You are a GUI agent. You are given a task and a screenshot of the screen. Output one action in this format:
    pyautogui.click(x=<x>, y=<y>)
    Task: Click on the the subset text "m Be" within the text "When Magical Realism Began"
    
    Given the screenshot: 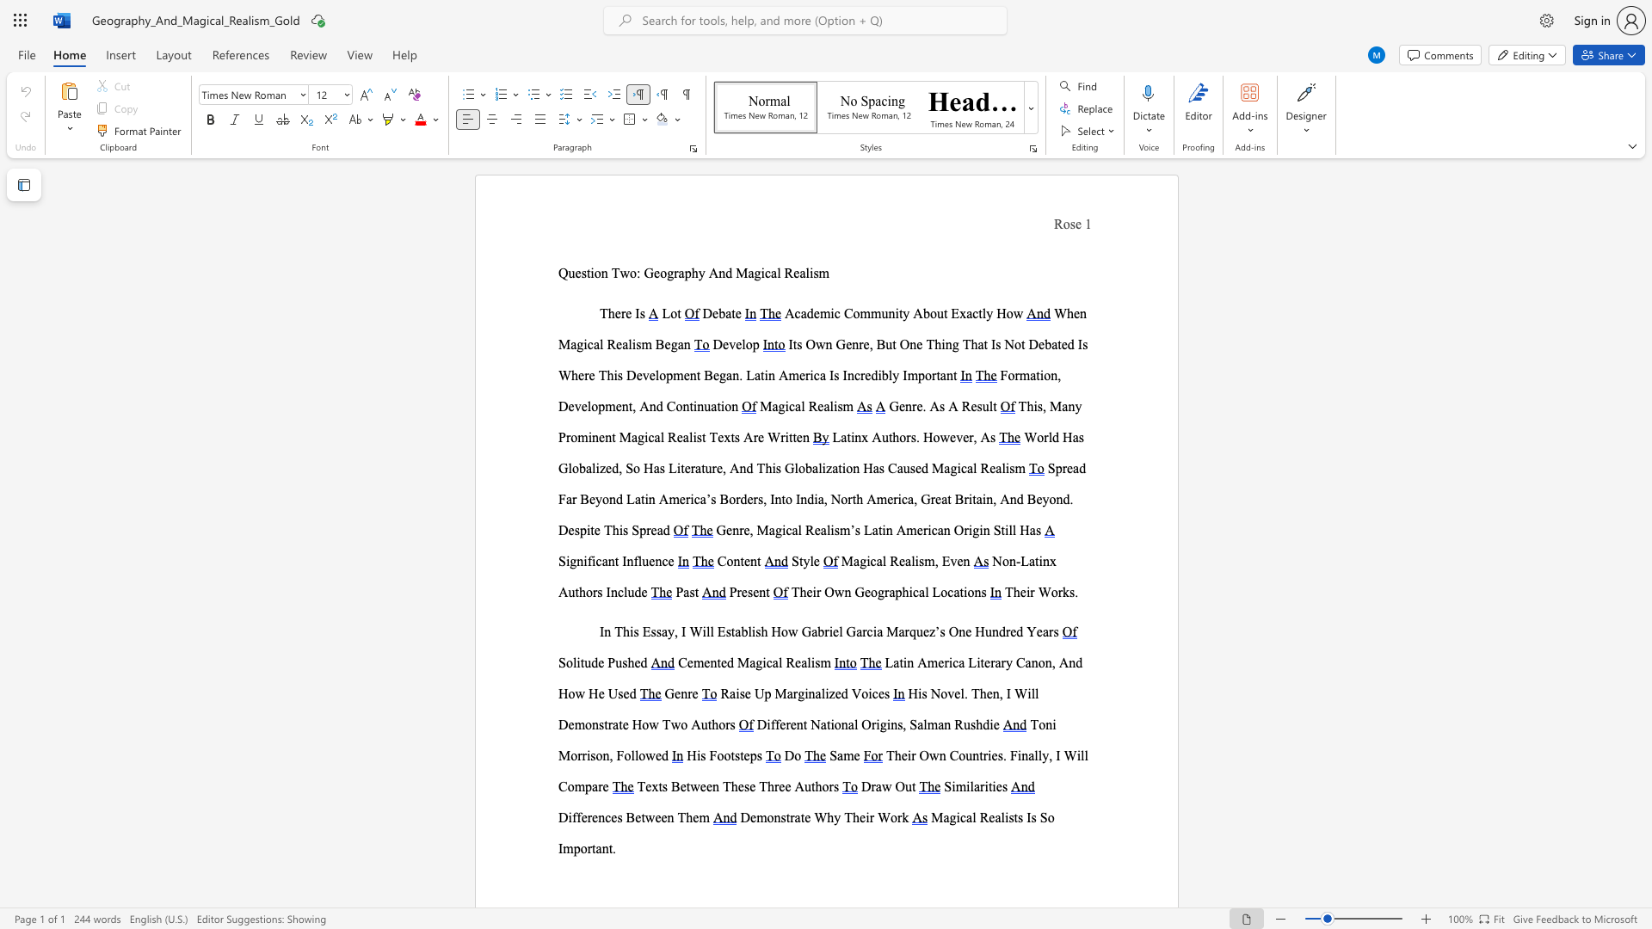 What is the action you would take?
    pyautogui.click(x=640, y=344)
    